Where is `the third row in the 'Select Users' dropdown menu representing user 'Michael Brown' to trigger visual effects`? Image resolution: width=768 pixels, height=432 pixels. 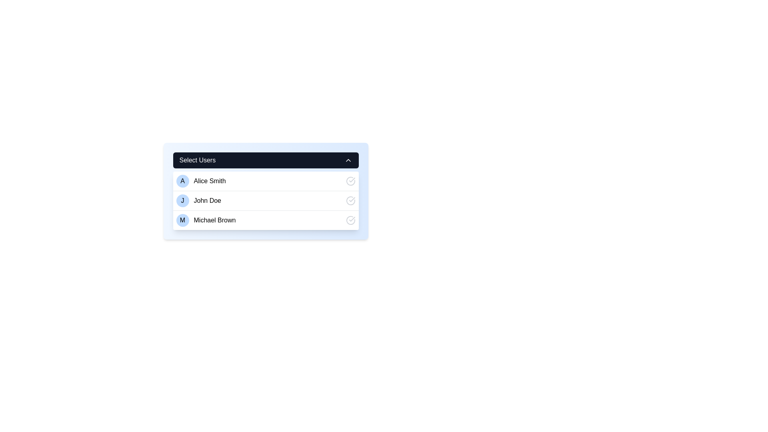 the third row in the 'Select Users' dropdown menu representing user 'Michael Brown' to trigger visual effects is located at coordinates (266, 220).